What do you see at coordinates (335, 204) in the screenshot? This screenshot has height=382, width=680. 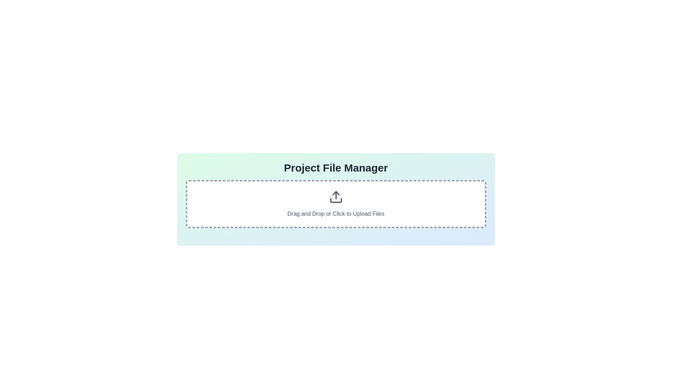 I see `the interactive file drop zone with a white background, dashed gray border, and rounded corners to upload files` at bounding box center [335, 204].